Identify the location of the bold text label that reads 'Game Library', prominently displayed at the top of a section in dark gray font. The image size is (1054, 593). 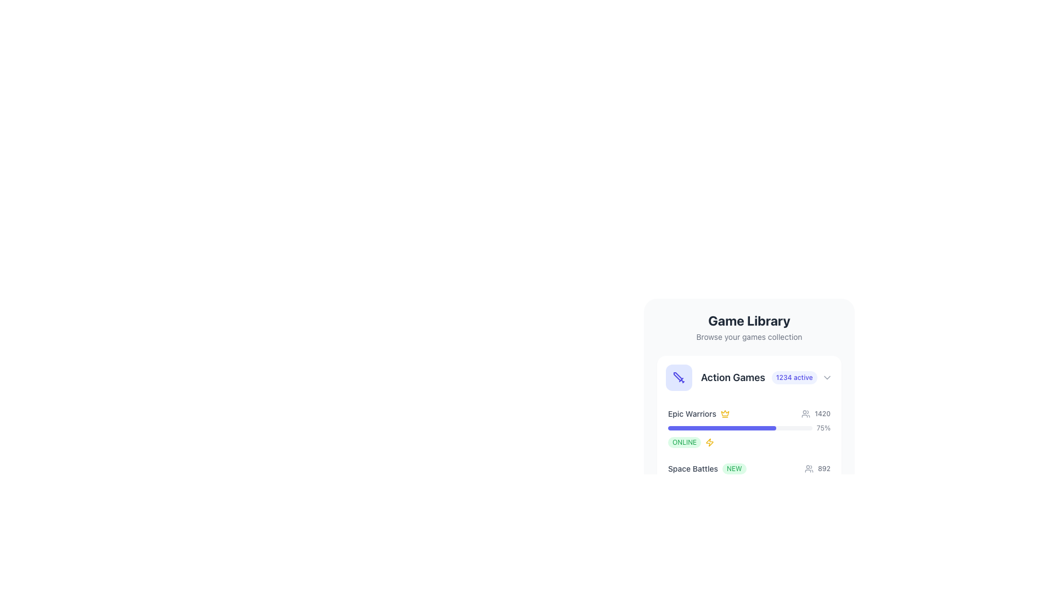
(748, 320).